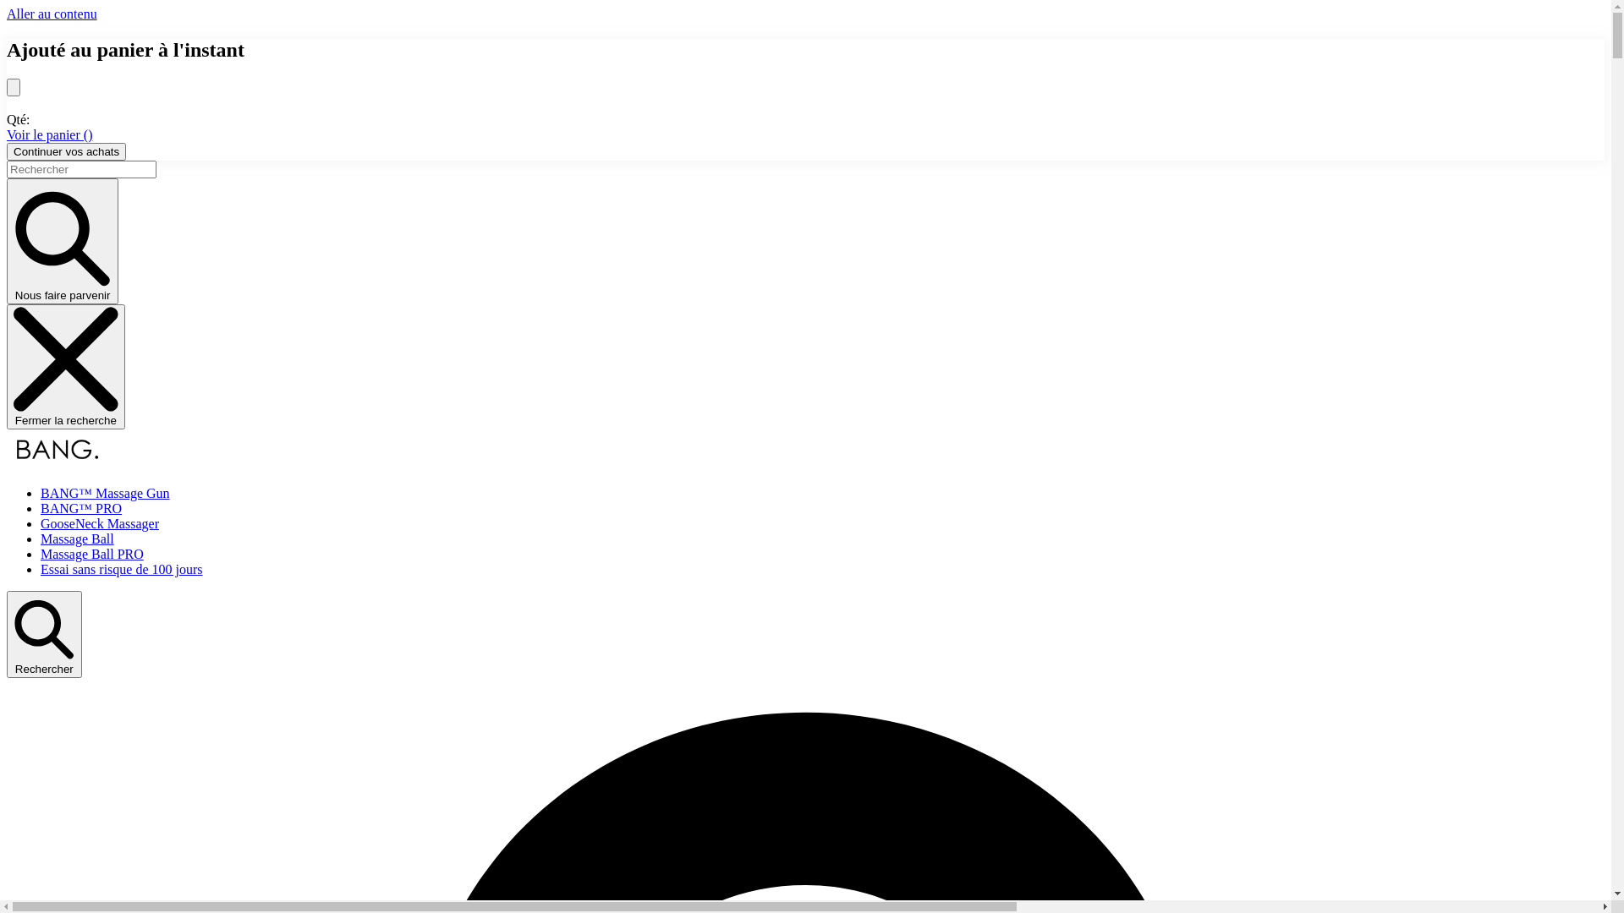 The height and width of the screenshot is (913, 1624). What do you see at coordinates (41, 554) in the screenshot?
I see `'Massage Ball PRO'` at bounding box center [41, 554].